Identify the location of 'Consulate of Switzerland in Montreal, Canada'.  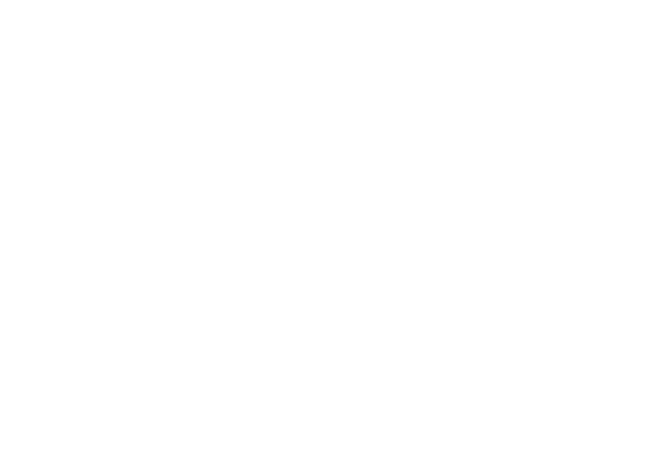
(84, 436).